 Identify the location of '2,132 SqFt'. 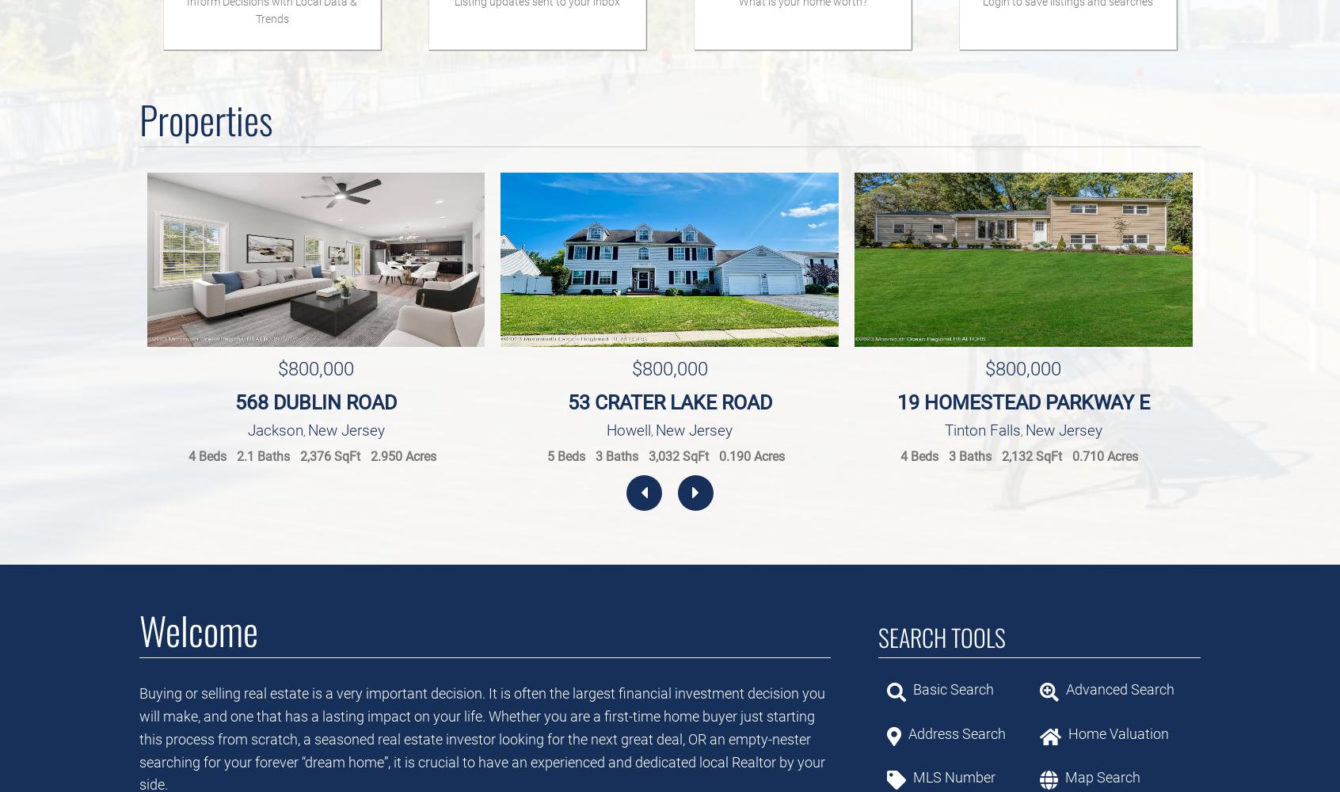
(1031, 455).